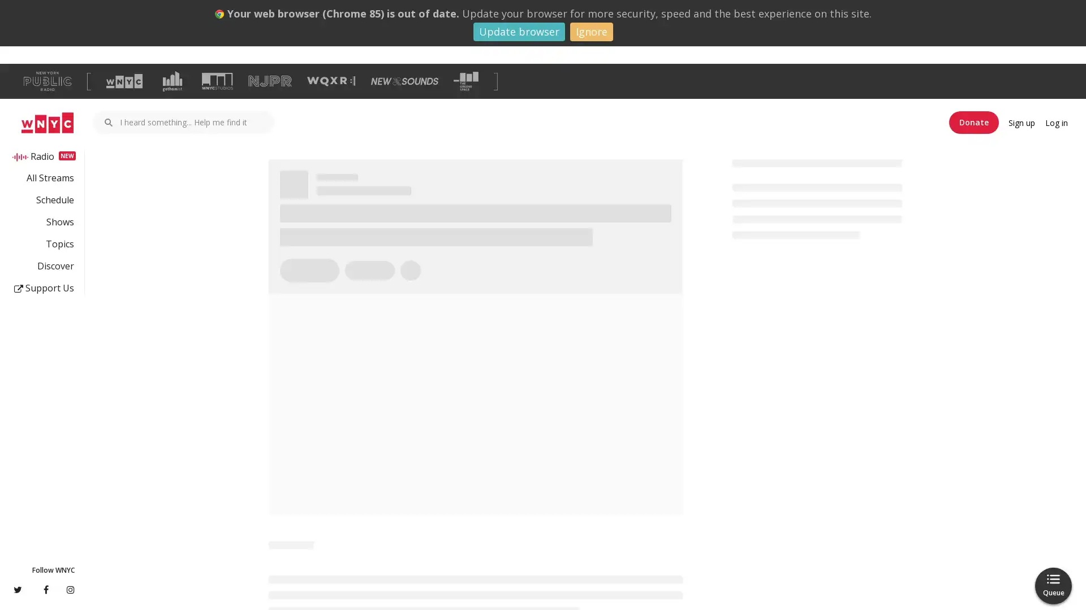 The image size is (1086, 610). Describe the element at coordinates (327, 254) in the screenshot. I see `Listen to The Case for Cooperative Businesses` at that location.